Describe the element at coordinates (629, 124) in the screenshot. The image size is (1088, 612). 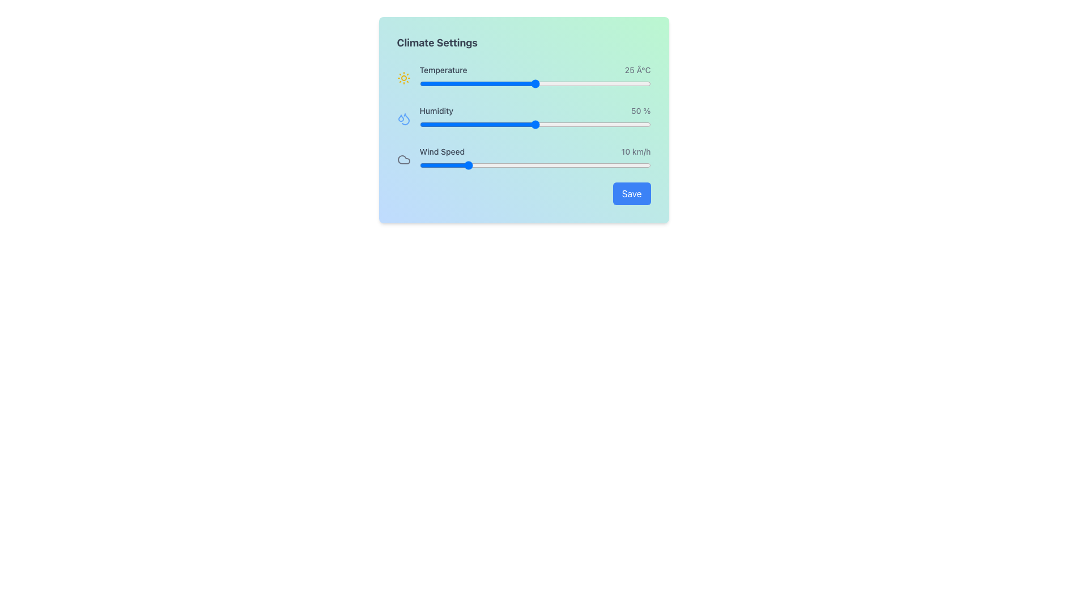
I see `the humidity` at that location.